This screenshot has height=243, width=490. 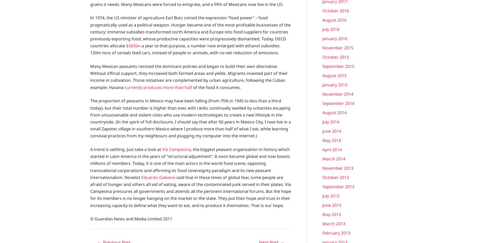 I want to click on 'Eduardo Galeano', so click(x=158, y=177).